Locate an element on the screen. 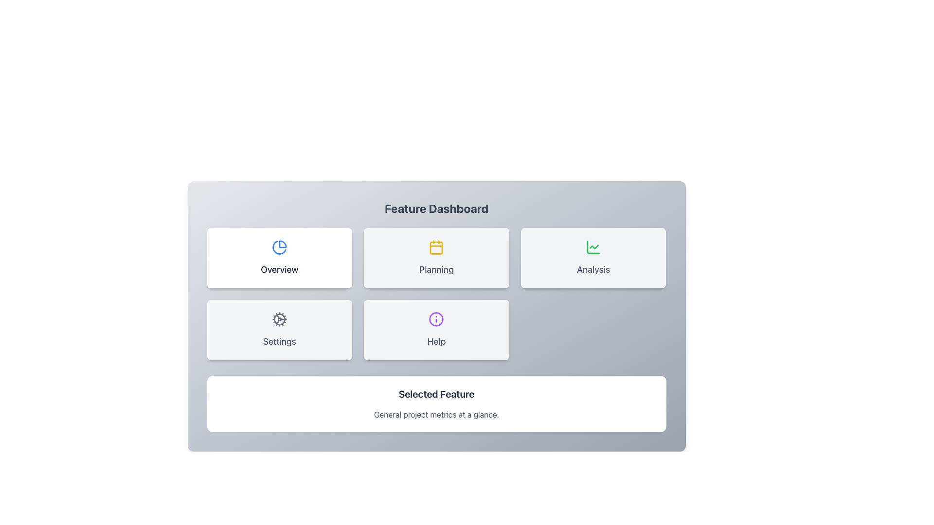 Image resolution: width=934 pixels, height=525 pixels. the Interactive card located in the middle-bottom of the grid layout is located at coordinates (436, 329).